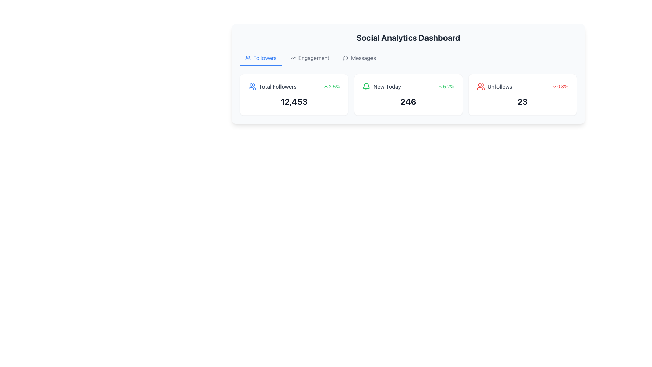 This screenshot has height=367, width=652. What do you see at coordinates (309, 58) in the screenshot?
I see `the 'Engagement' button, which is the second clickable menu item in a row of three options` at bounding box center [309, 58].